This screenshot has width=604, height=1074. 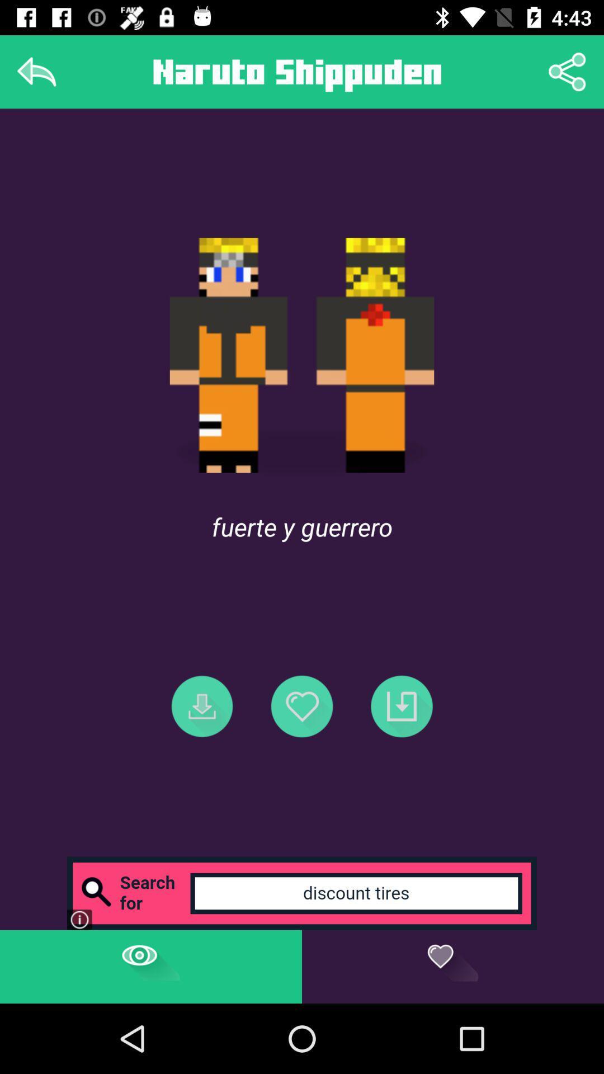 What do you see at coordinates (302, 705) in the screenshot?
I see `the favorite icon` at bounding box center [302, 705].